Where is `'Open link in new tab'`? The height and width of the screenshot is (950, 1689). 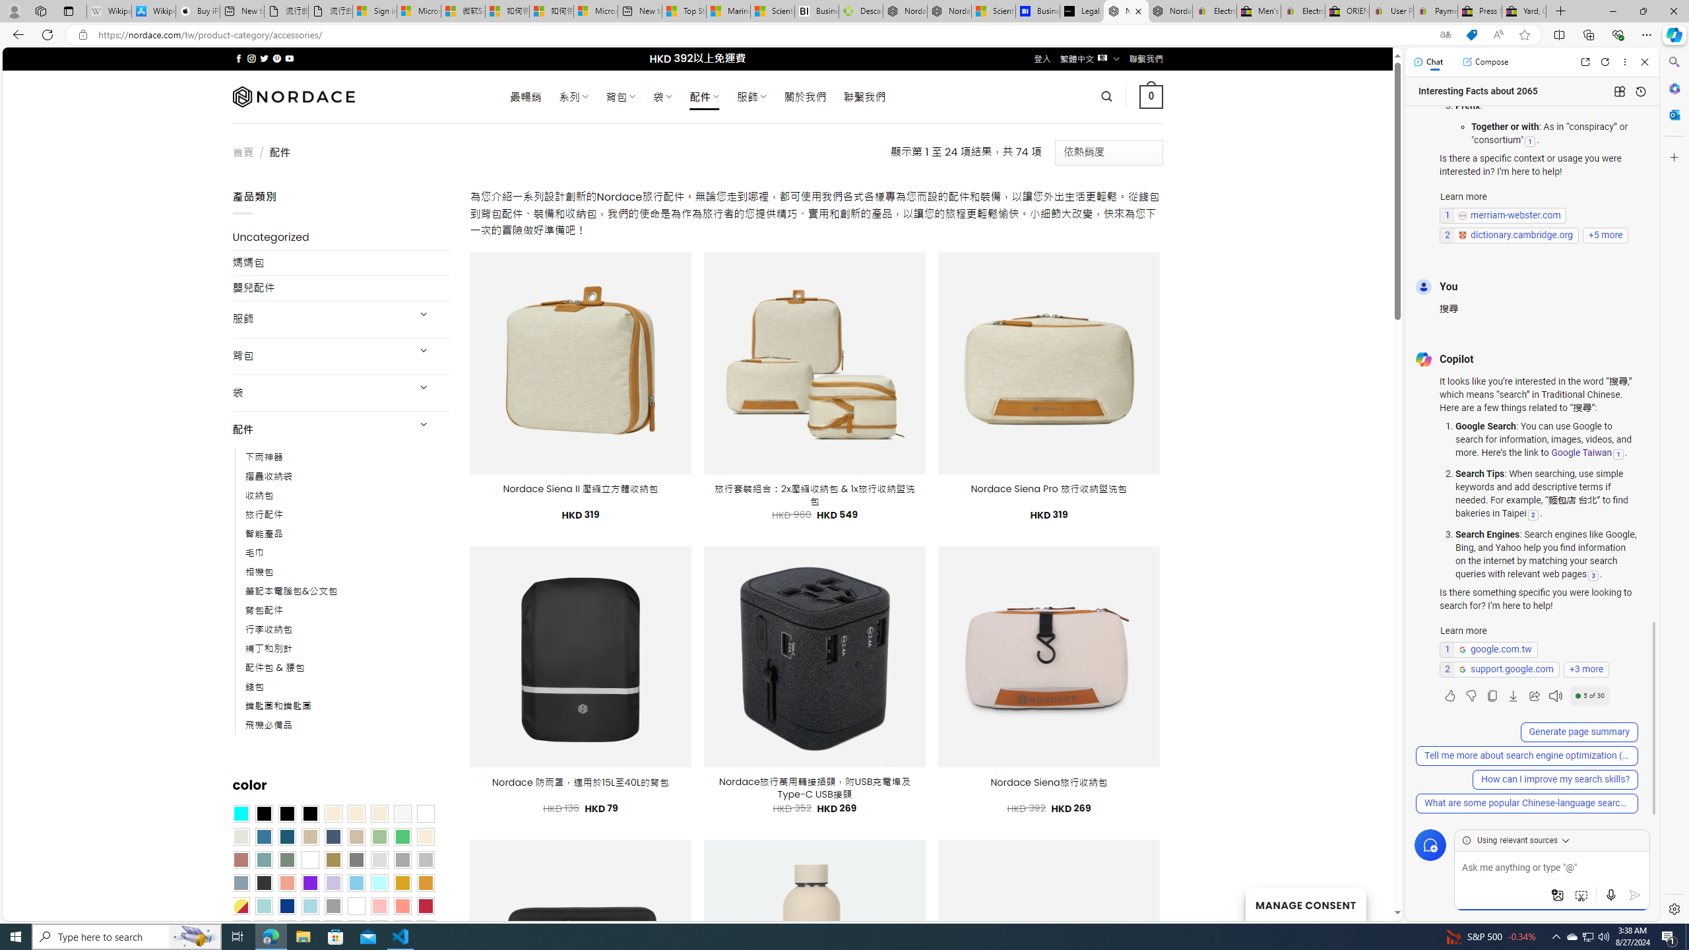
'Open link in new tab' is located at coordinates (1584, 61).